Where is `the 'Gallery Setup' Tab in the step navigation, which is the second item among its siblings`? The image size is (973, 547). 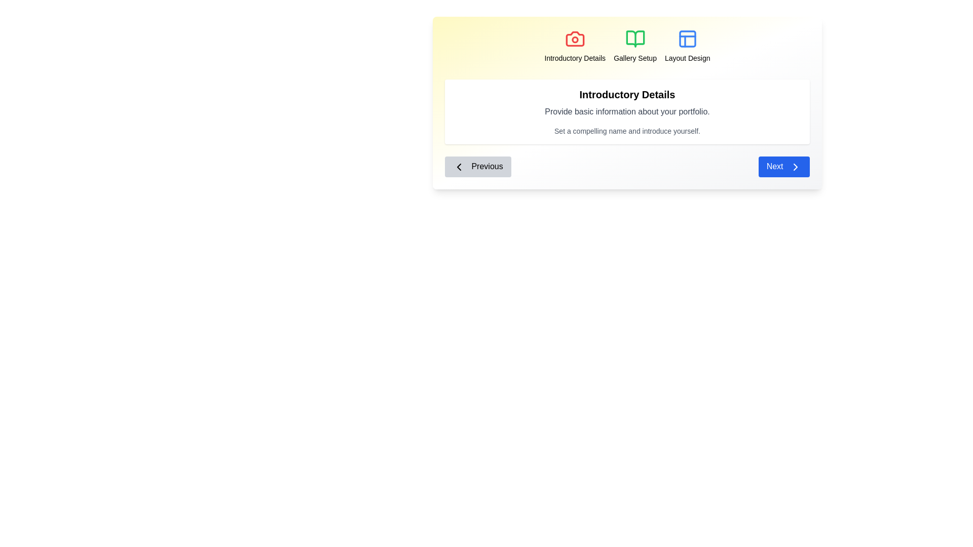
the 'Gallery Setup' Tab in the step navigation, which is the second item among its siblings is located at coordinates (627, 46).